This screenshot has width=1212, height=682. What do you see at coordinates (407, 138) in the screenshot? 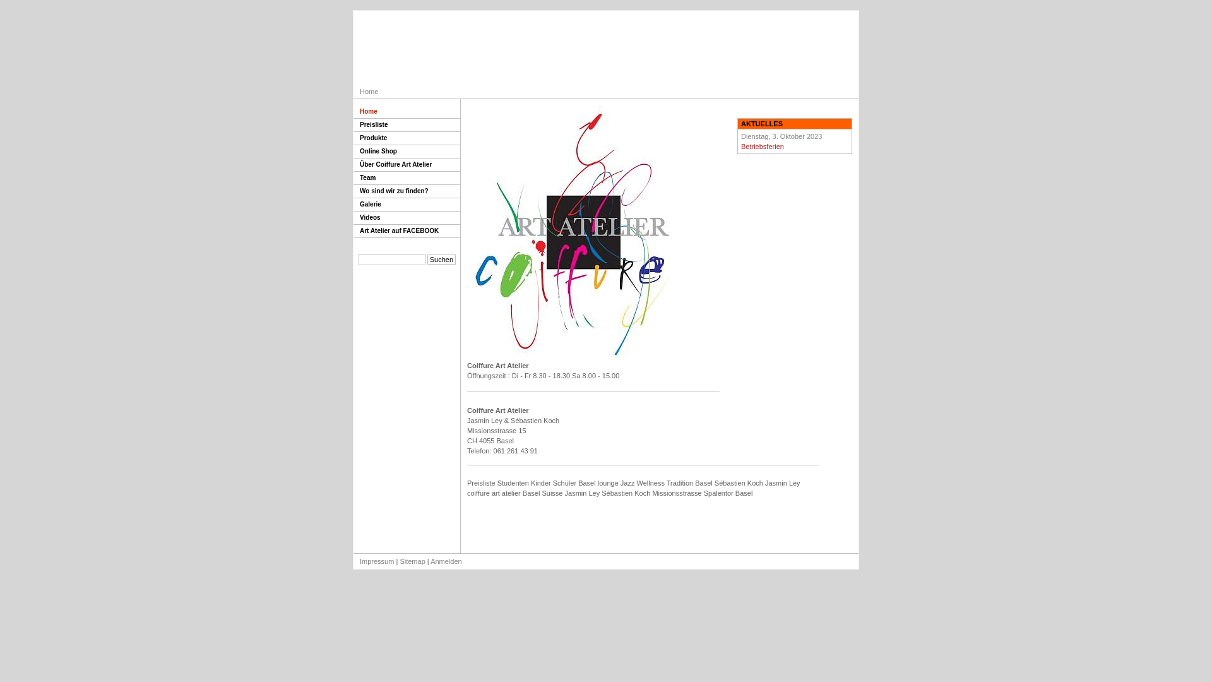
I see `'Produkte'` at bounding box center [407, 138].